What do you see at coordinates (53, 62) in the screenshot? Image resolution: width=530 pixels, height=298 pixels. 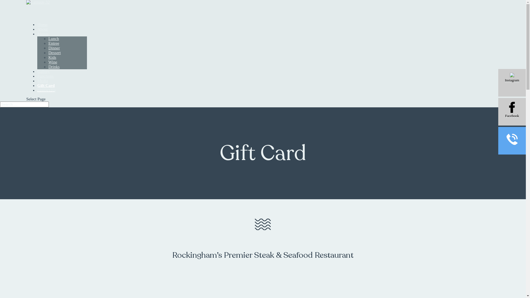 I see `'Wine'` at bounding box center [53, 62].